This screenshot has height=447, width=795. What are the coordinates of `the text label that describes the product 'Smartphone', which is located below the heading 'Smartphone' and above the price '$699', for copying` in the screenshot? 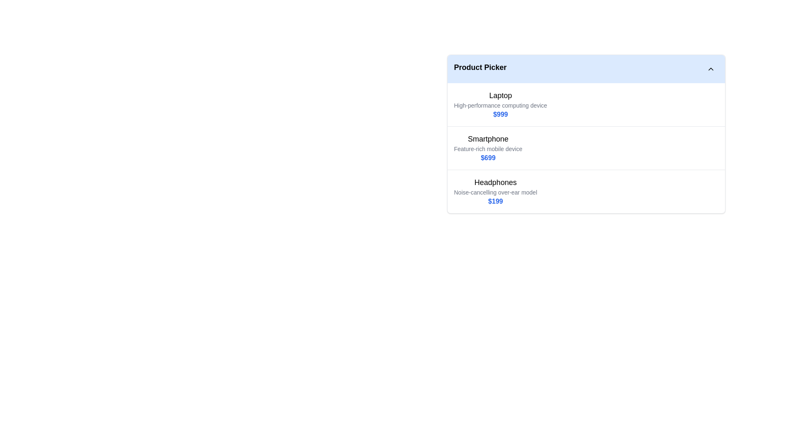 It's located at (488, 148).